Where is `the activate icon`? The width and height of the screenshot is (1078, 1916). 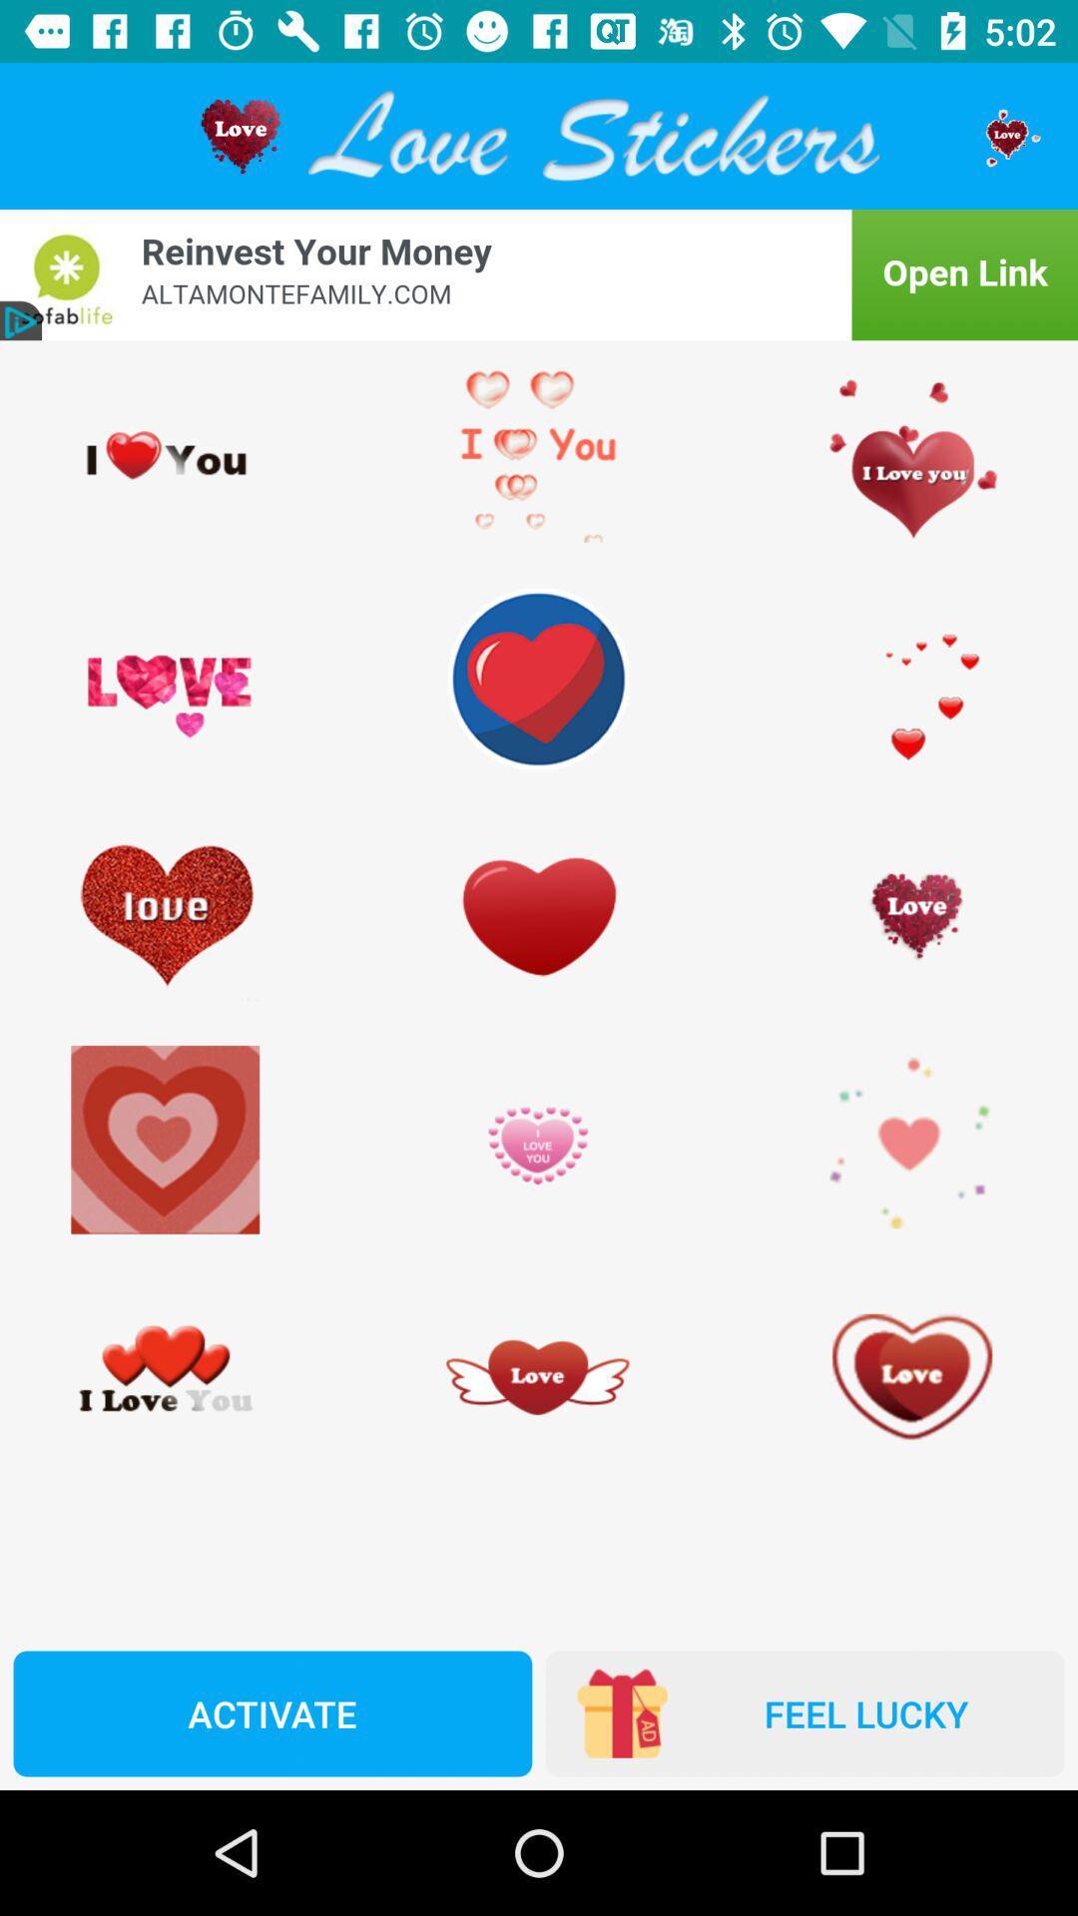
the activate icon is located at coordinates (272, 1712).